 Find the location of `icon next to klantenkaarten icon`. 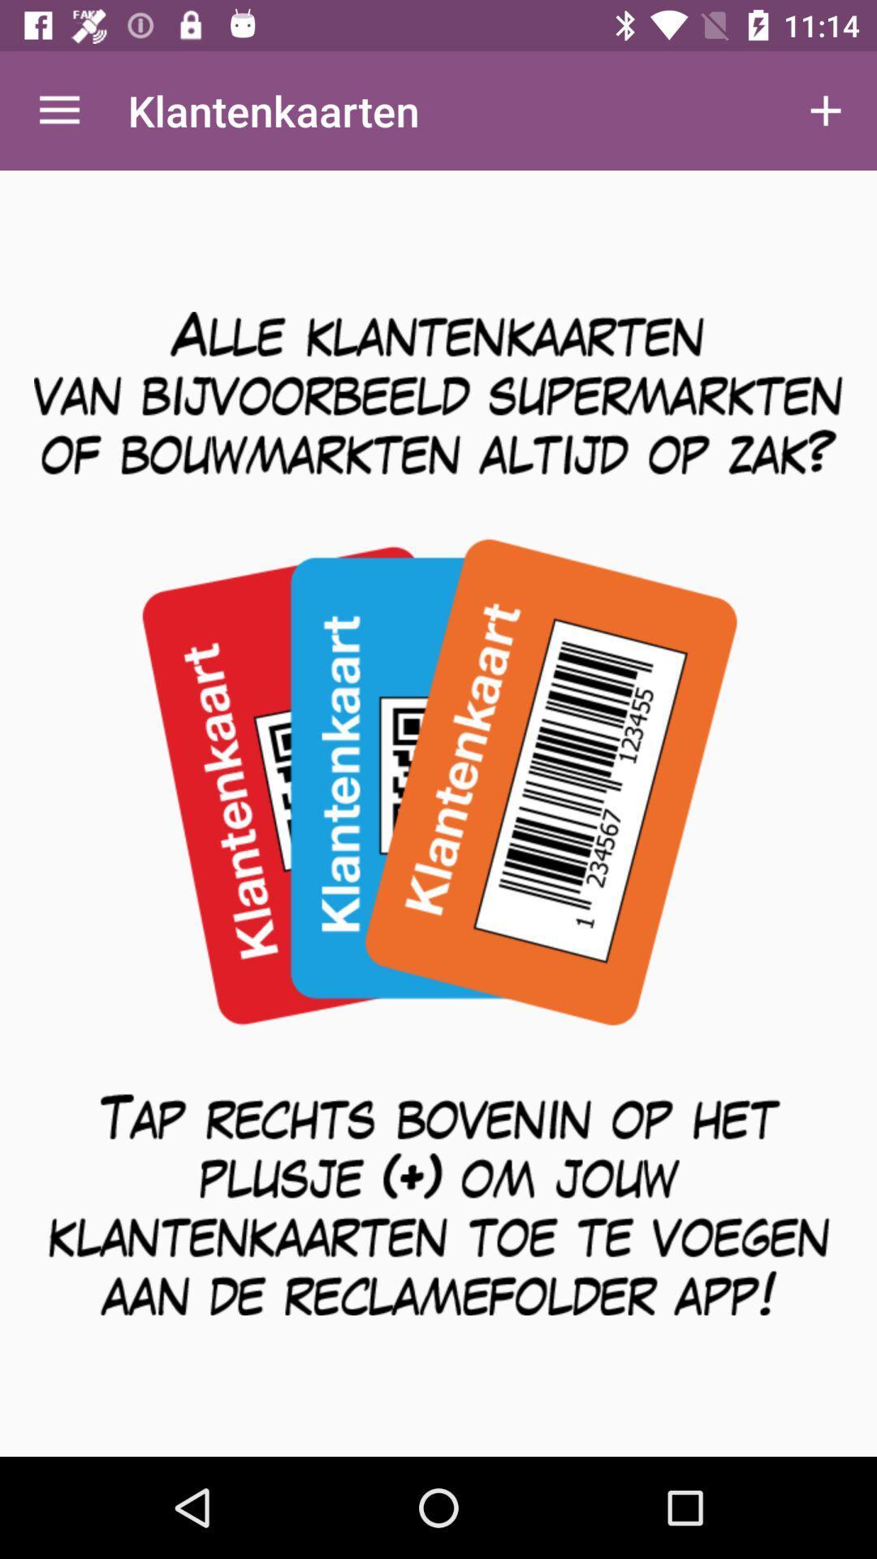

icon next to klantenkaarten icon is located at coordinates (826, 110).